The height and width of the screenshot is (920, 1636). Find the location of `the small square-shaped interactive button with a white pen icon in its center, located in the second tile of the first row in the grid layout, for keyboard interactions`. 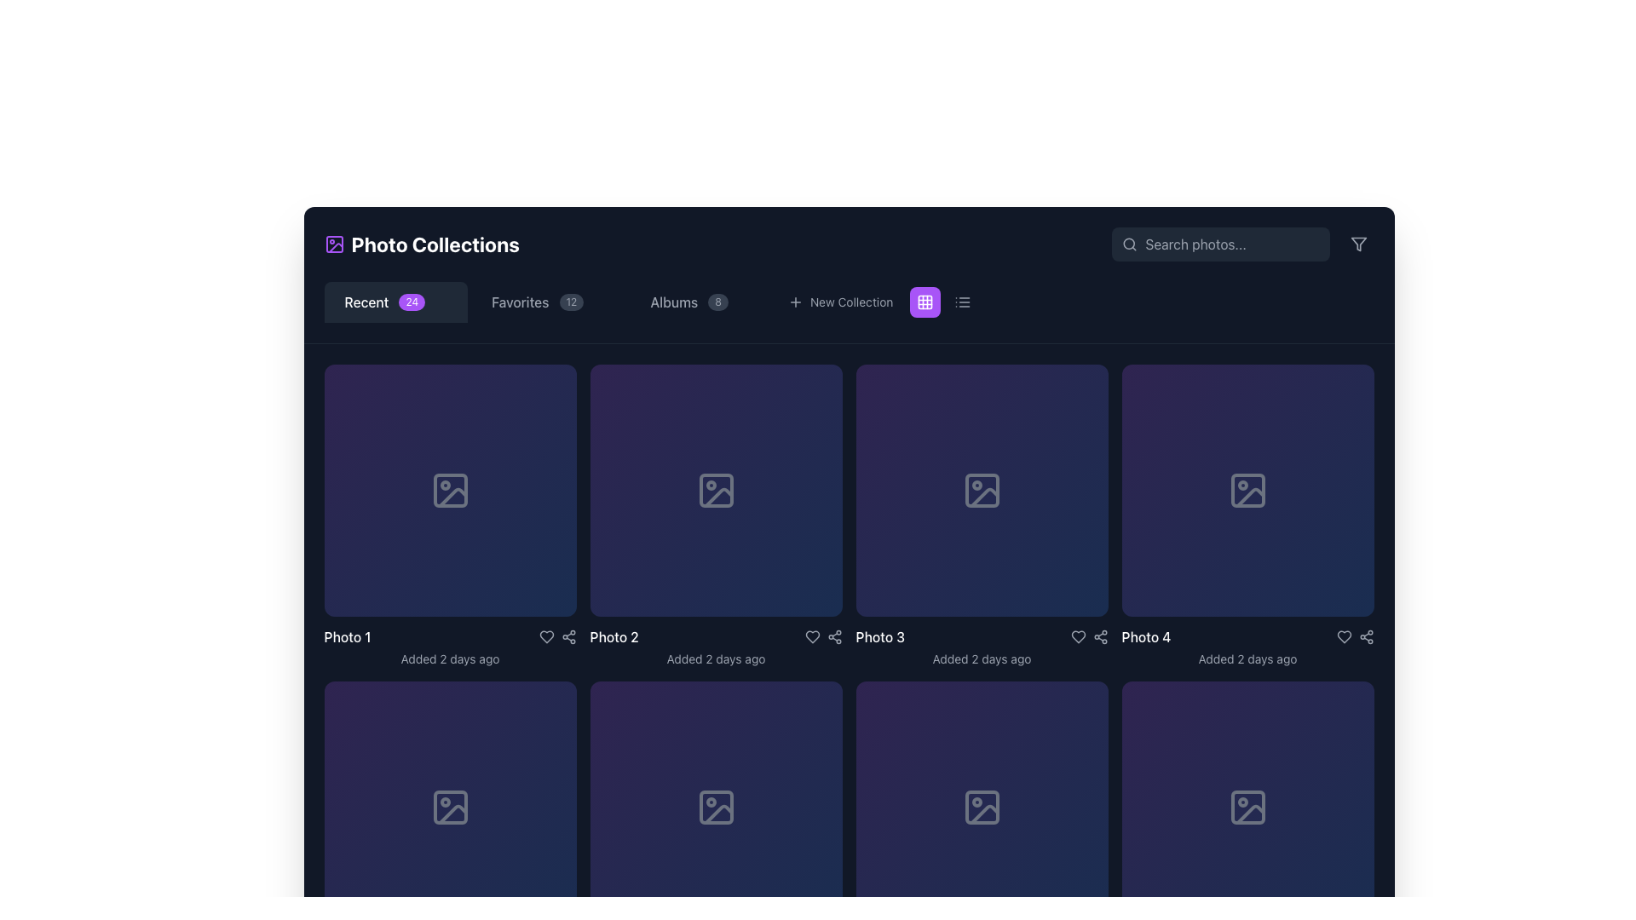

the small square-shaped interactive button with a white pen icon in its center, located in the second tile of the first row in the grid layout, for keyboard interactions is located at coordinates (677, 490).